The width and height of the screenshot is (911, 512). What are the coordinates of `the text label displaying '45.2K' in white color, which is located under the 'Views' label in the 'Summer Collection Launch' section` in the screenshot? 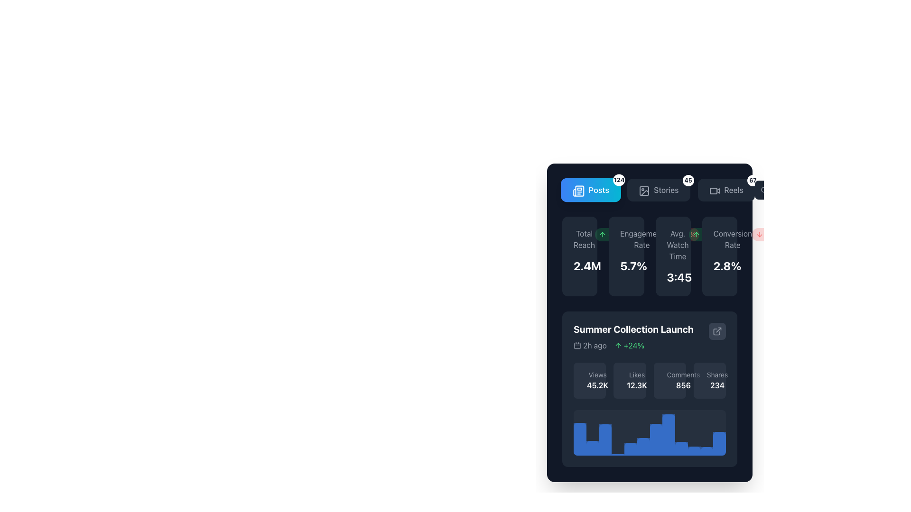 It's located at (597, 385).